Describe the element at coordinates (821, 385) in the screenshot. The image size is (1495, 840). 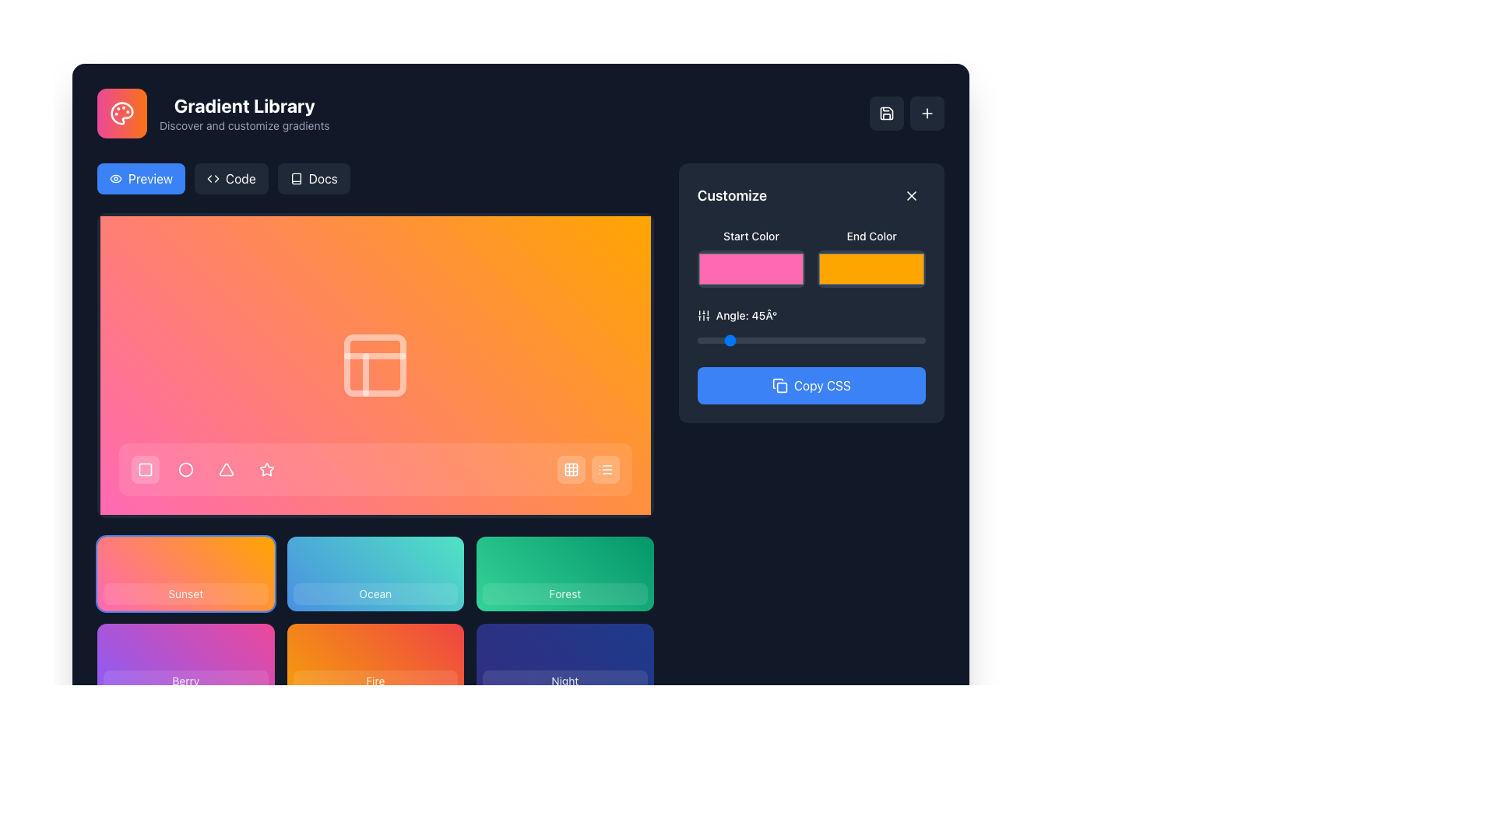
I see `the copy button located in the customization panel, which allows users to copy the generated CSS code` at that location.